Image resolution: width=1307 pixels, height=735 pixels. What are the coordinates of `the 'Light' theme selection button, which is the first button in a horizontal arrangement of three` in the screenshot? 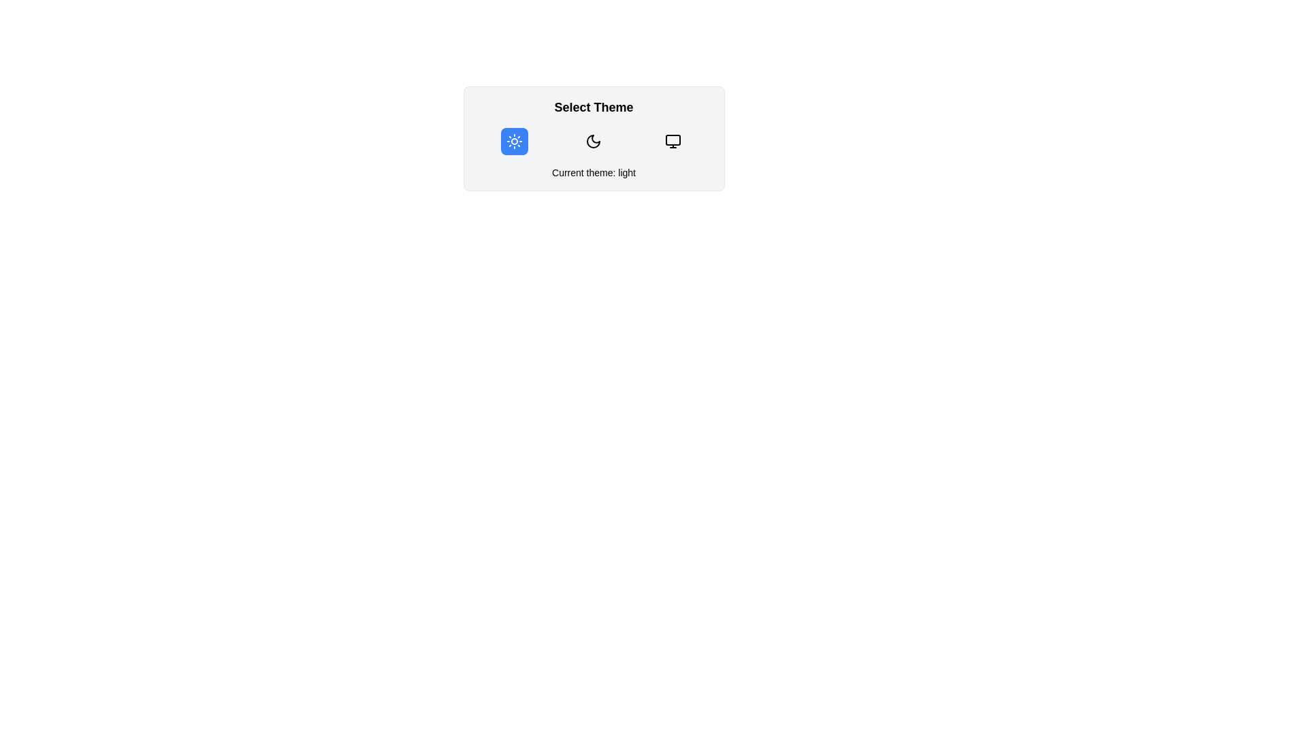 It's located at (513, 142).